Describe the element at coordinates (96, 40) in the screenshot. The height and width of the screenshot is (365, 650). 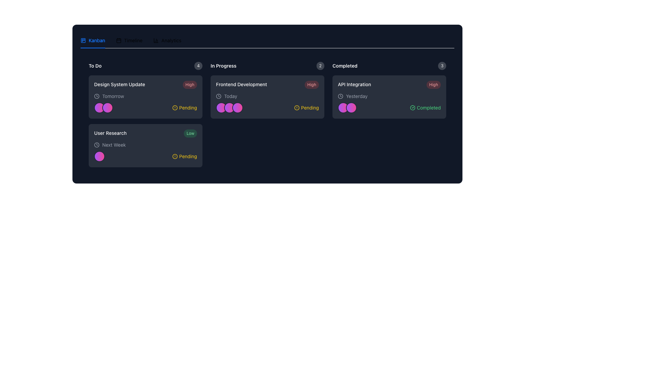
I see `the 'Kanban' navigation link in the upper-left corner of the interface` at that location.